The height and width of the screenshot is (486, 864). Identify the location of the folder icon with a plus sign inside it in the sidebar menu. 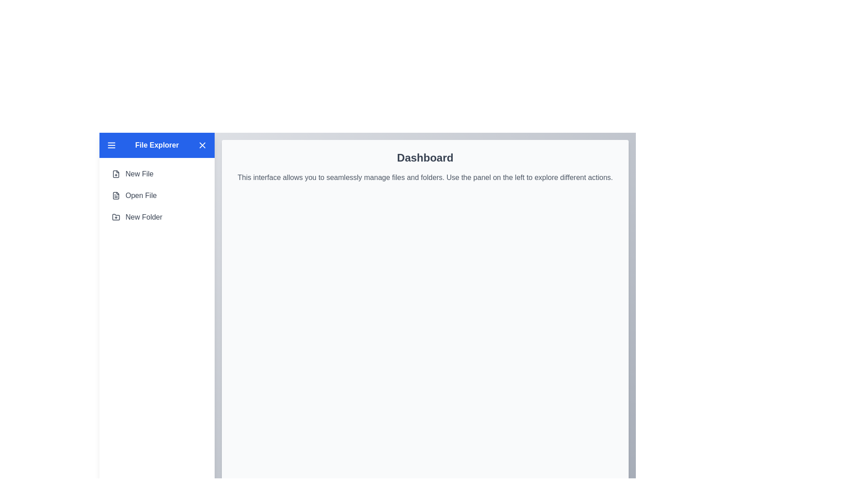
(116, 217).